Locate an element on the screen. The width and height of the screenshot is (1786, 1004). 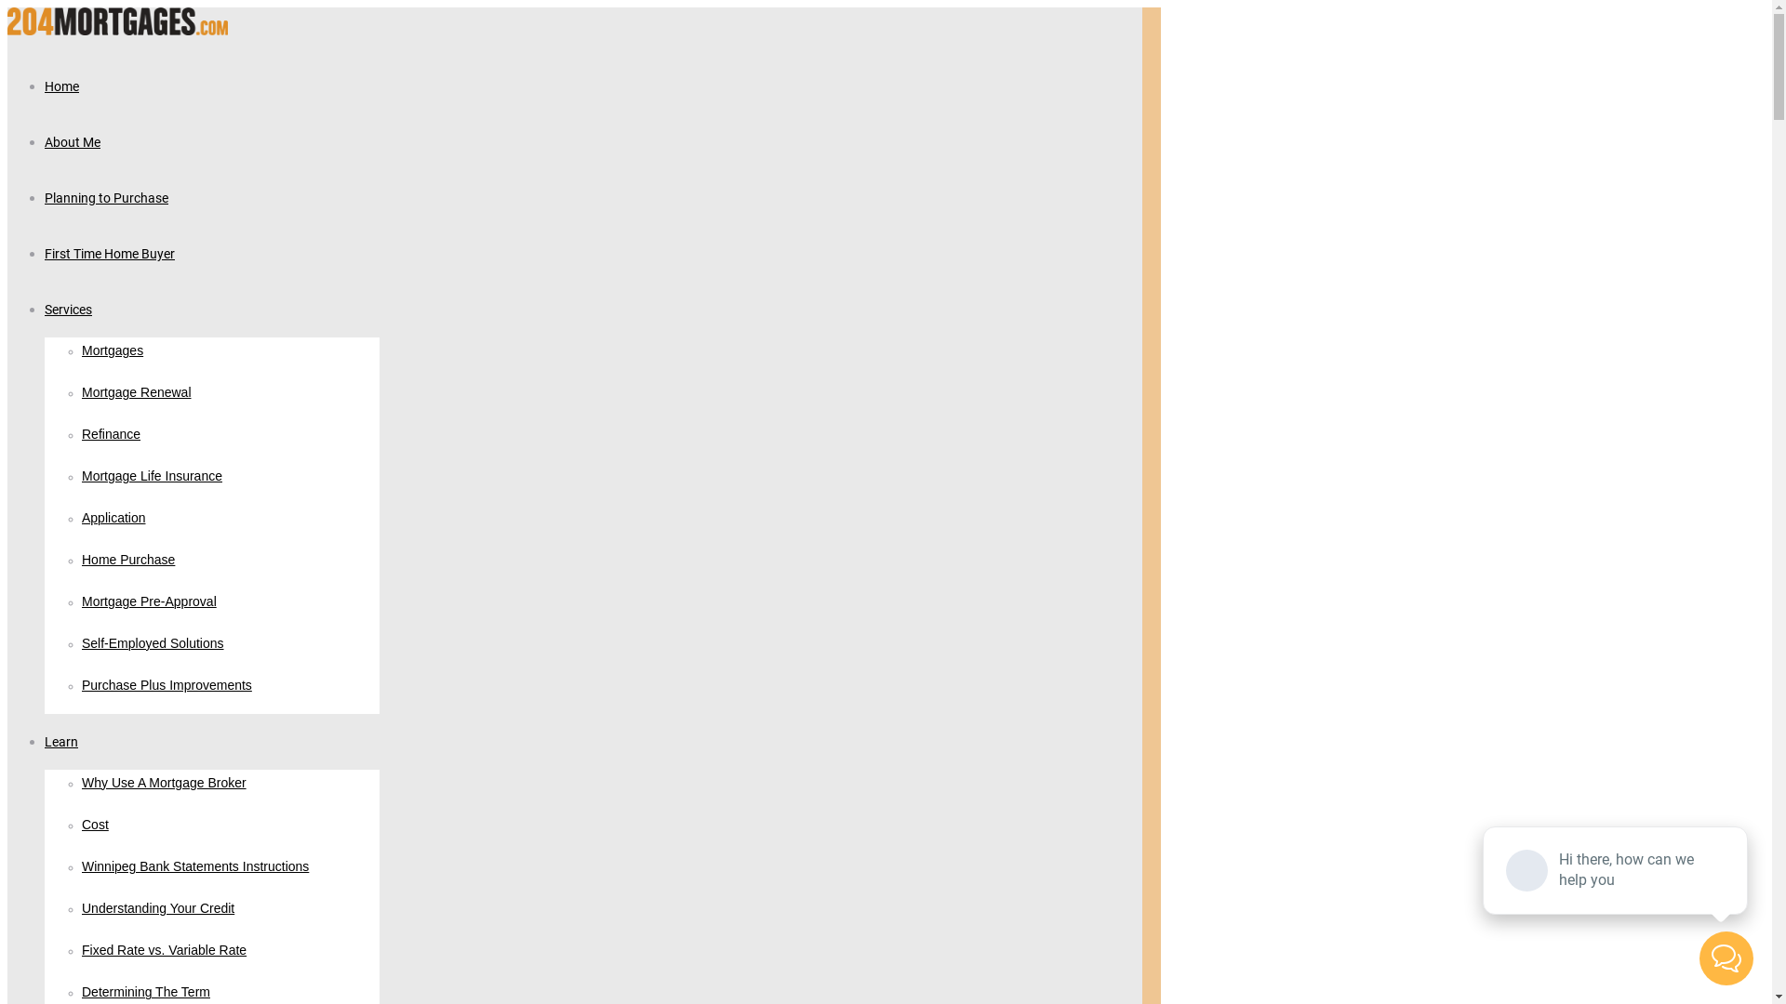
'Winnipeg Bank Statements Instructions' is located at coordinates (195, 867).